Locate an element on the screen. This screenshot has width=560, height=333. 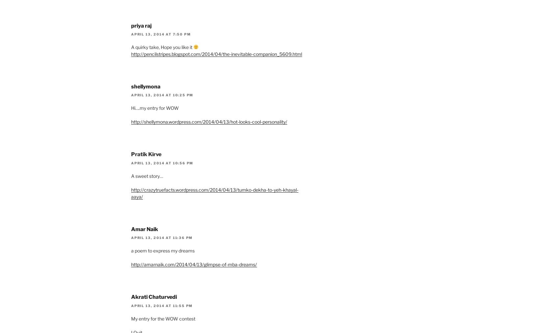
'A sweet story…' is located at coordinates (147, 176).